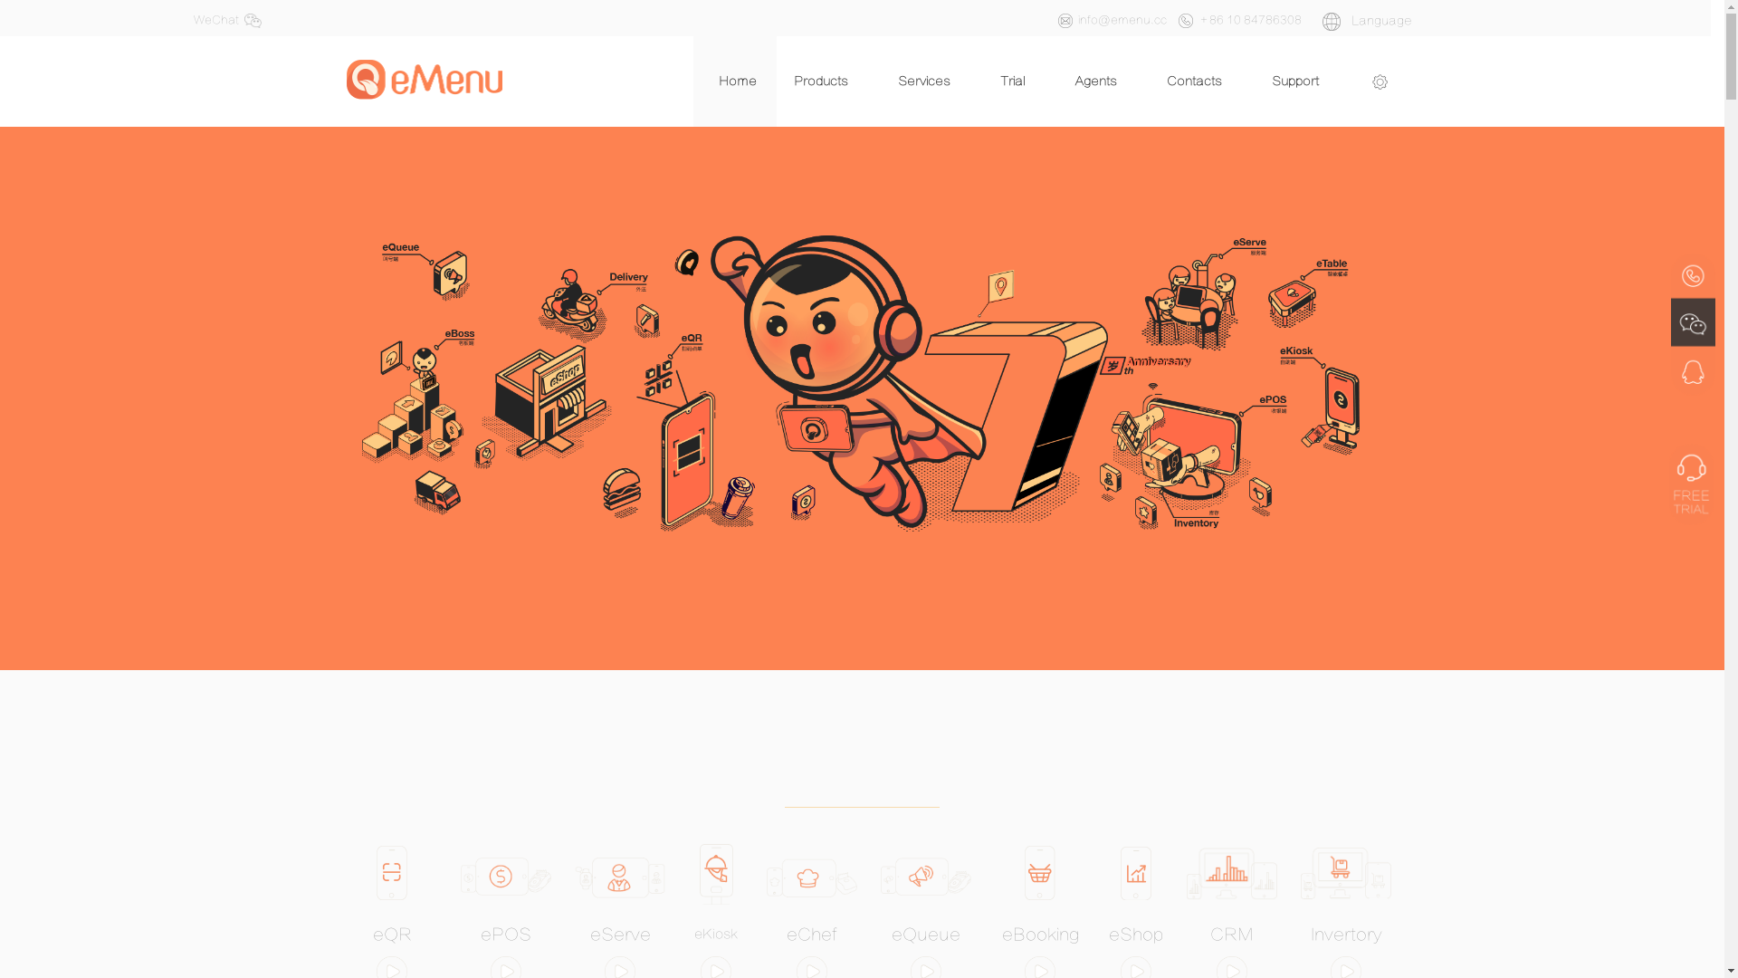 The height and width of the screenshot is (978, 1738). What do you see at coordinates (391, 932) in the screenshot?
I see `'eQR'` at bounding box center [391, 932].